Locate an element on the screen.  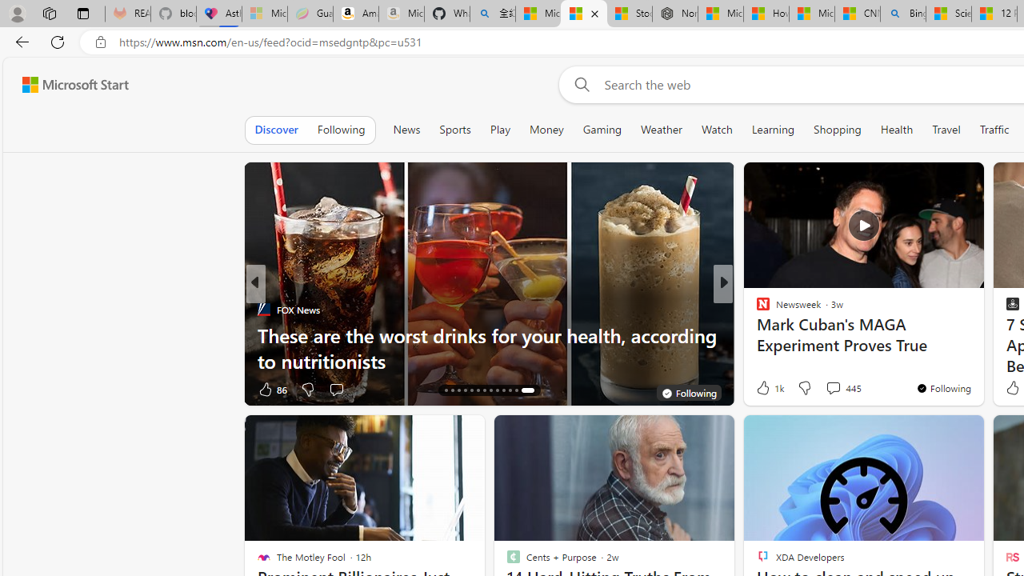
'AutomationID: tab-20' is located at coordinates (484, 390).